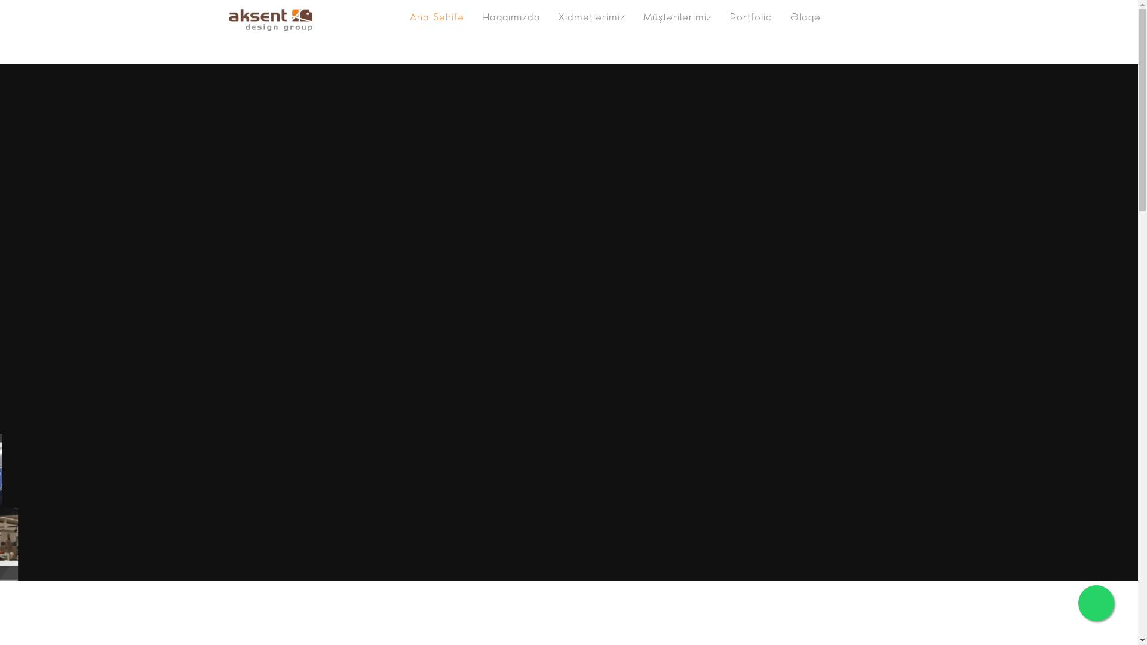 The width and height of the screenshot is (1147, 645). What do you see at coordinates (750, 18) in the screenshot?
I see `'Portfolio'` at bounding box center [750, 18].